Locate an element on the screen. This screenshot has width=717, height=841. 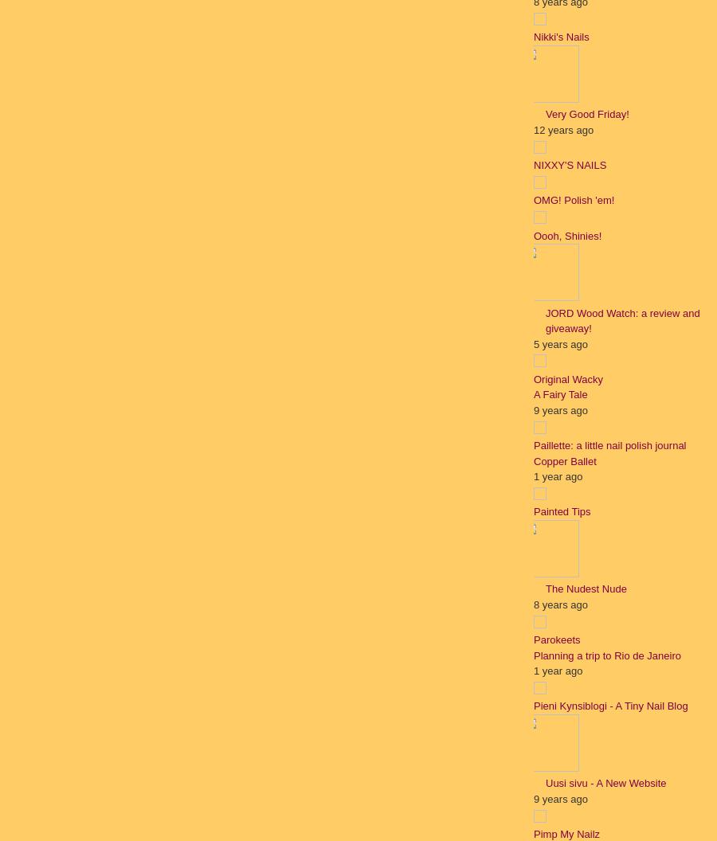
'Nikki's Nails' is located at coordinates (560, 37).